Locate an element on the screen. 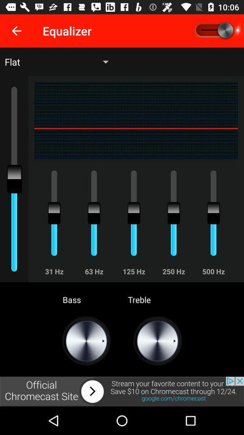  visit this website is located at coordinates (122, 391).